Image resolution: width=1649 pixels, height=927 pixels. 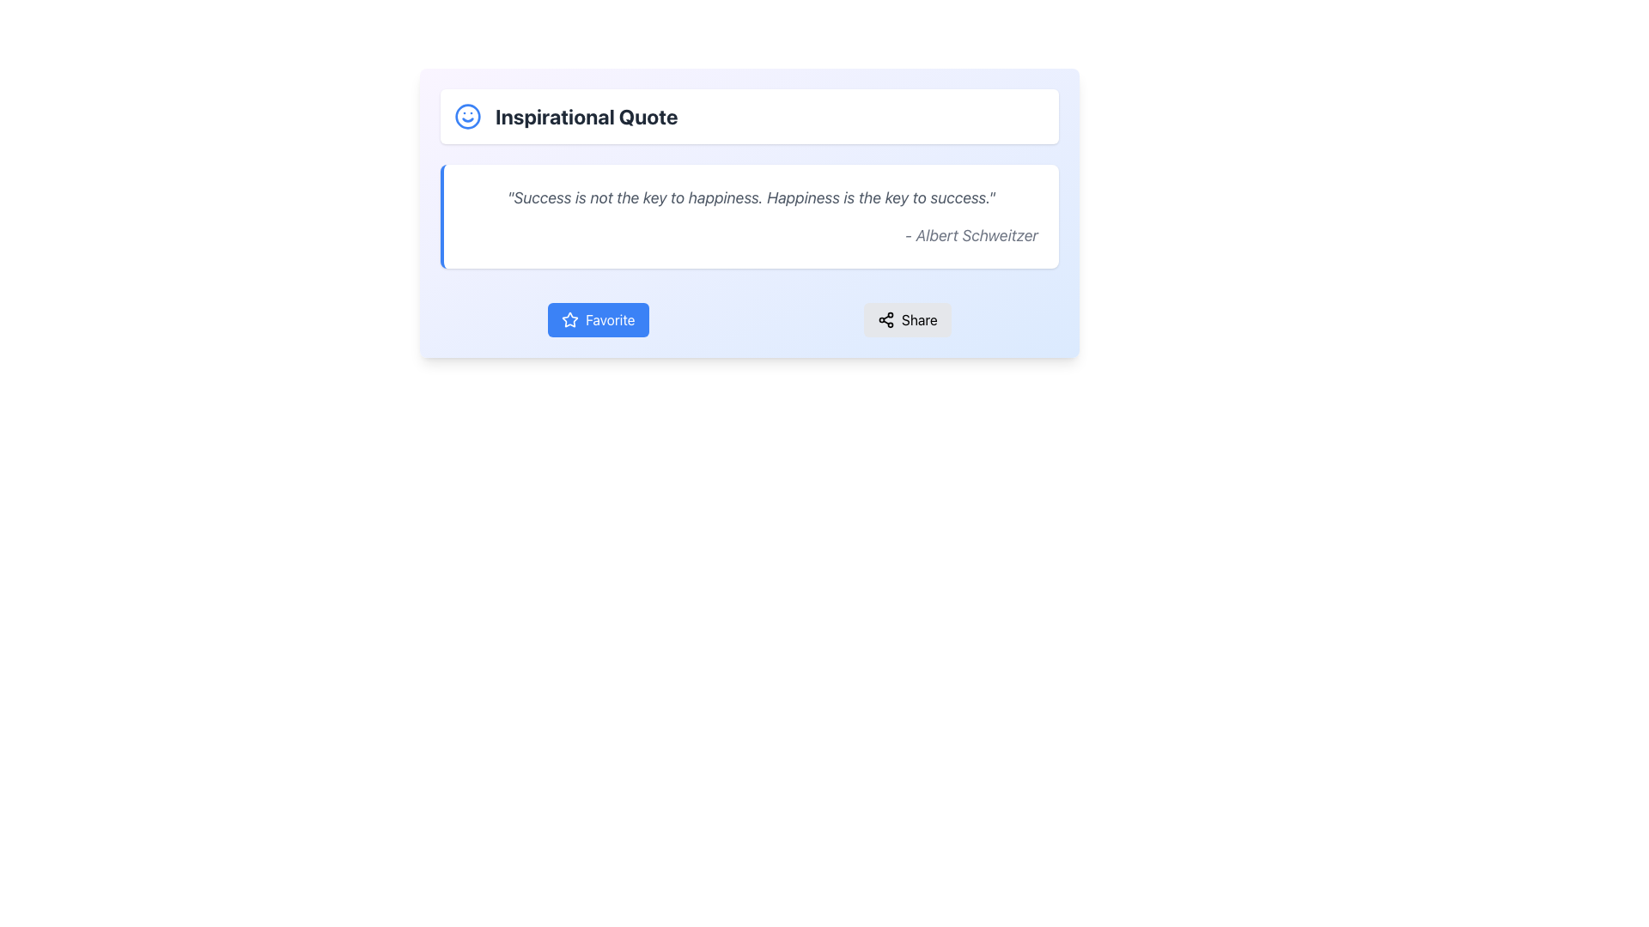 What do you see at coordinates (570, 320) in the screenshot?
I see `the star-shaped icon to the left of the 'Favorite' text within the blue button to mark it as favorite` at bounding box center [570, 320].